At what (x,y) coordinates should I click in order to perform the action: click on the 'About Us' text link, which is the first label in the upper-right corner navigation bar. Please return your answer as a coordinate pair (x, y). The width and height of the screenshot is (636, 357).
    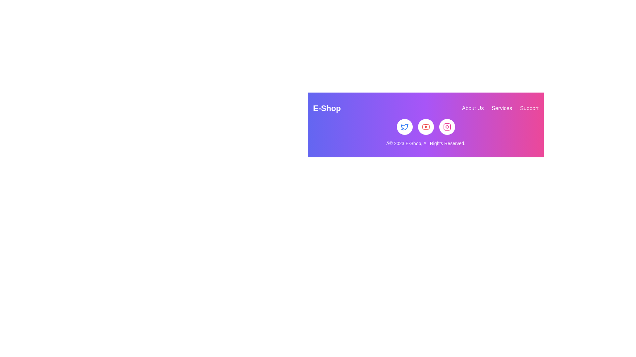
    Looking at the image, I should click on (472, 108).